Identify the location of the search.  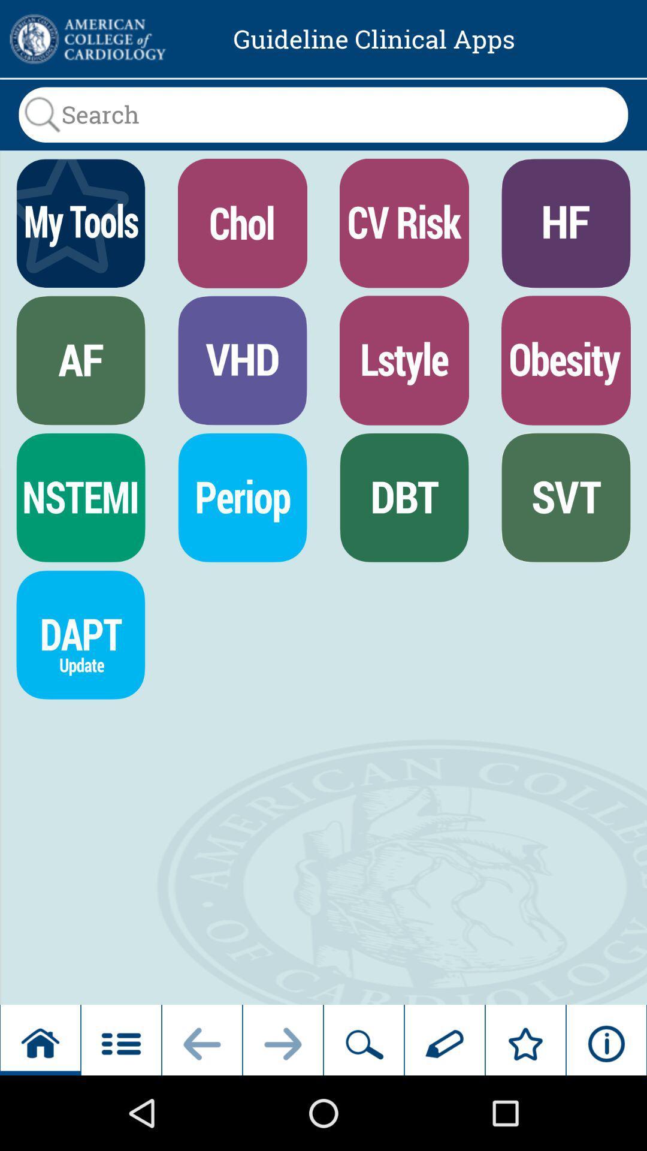
(323, 115).